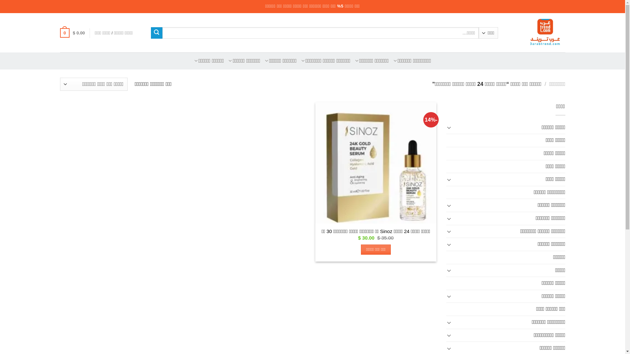 This screenshot has width=630, height=354. What do you see at coordinates (72, 33) in the screenshot?
I see `'$ 0.00` at bounding box center [72, 33].